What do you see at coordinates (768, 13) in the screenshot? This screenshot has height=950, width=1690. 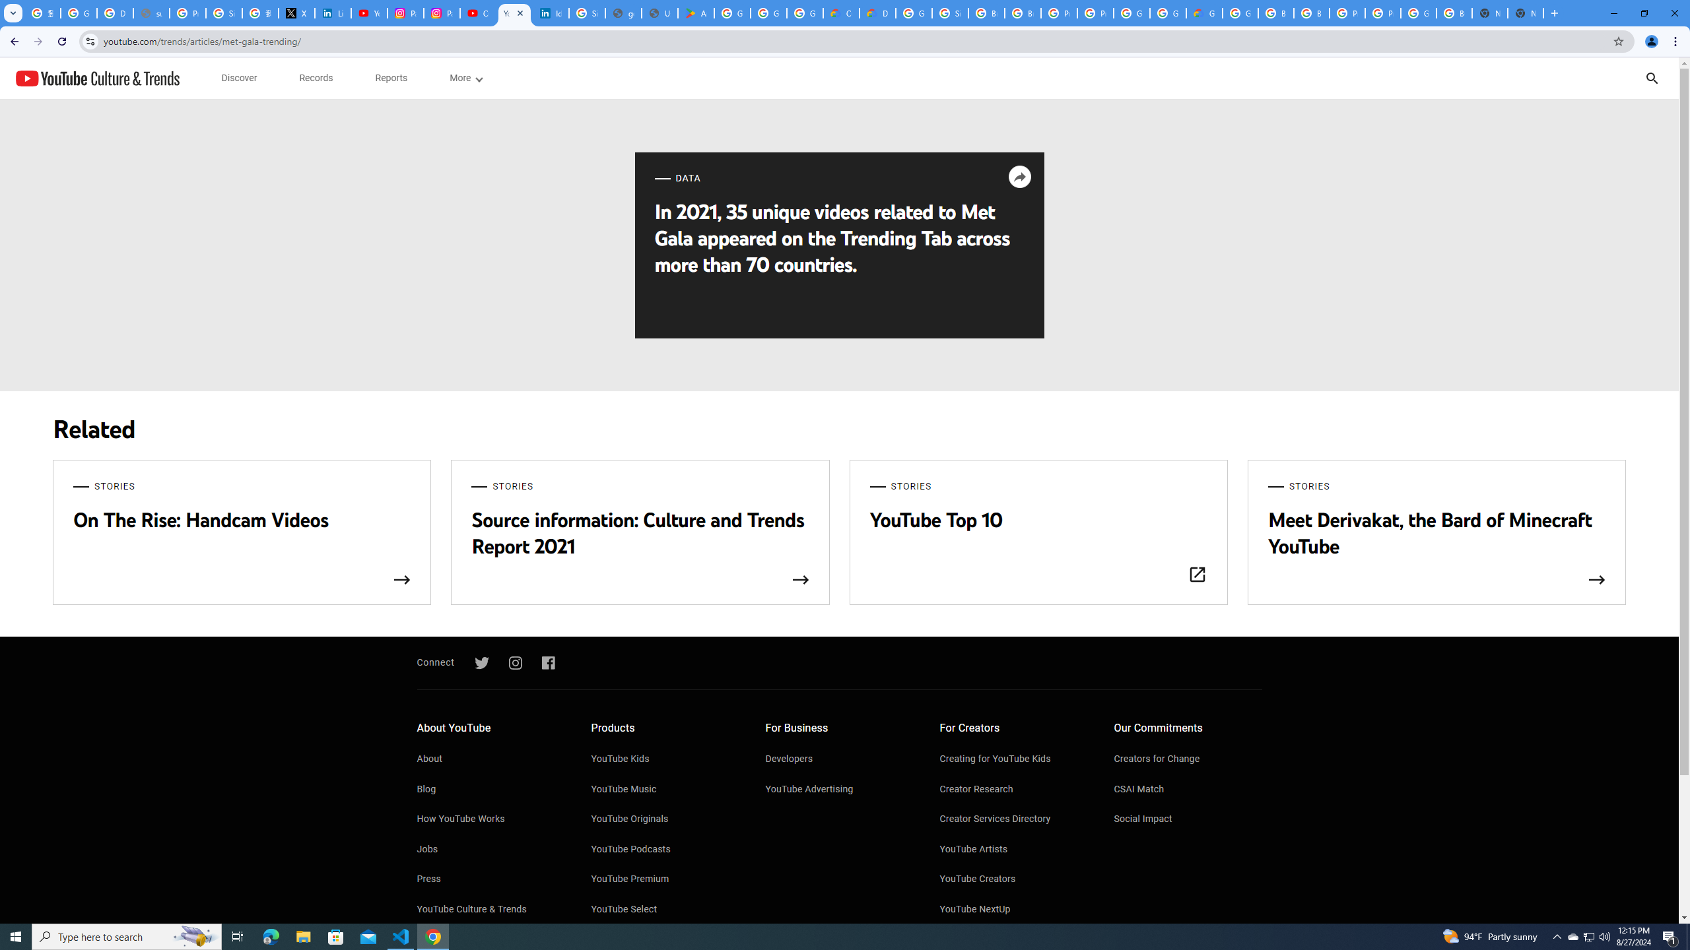 I see `'Google Workspace - Specific Terms'` at bounding box center [768, 13].